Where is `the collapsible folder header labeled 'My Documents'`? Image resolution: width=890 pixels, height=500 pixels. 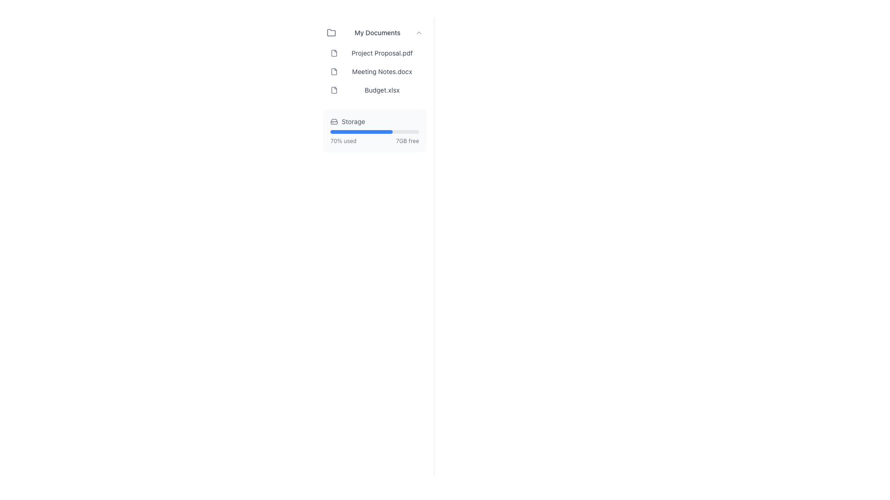 the collapsible folder header labeled 'My Documents' is located at coordinates (375, 32).